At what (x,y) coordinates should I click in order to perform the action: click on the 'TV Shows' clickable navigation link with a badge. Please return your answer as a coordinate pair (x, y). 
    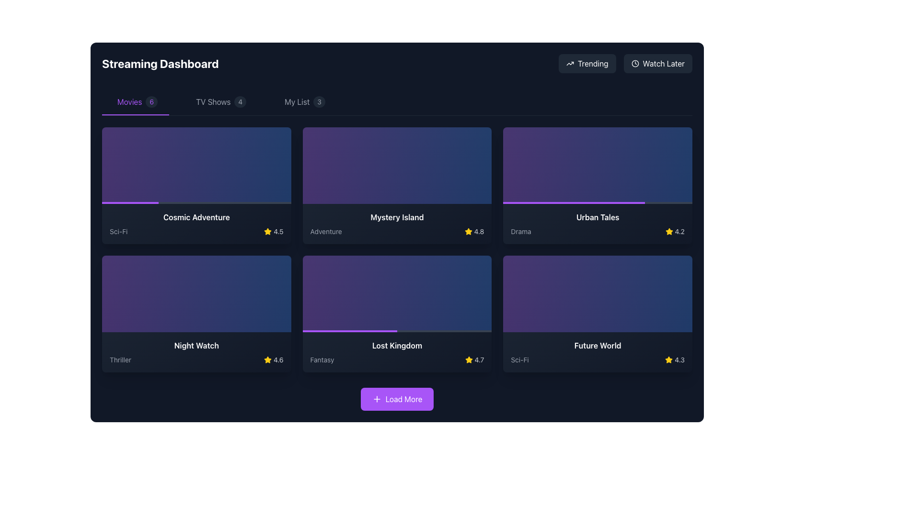
    Looking at the image, I should click on (220, 101).